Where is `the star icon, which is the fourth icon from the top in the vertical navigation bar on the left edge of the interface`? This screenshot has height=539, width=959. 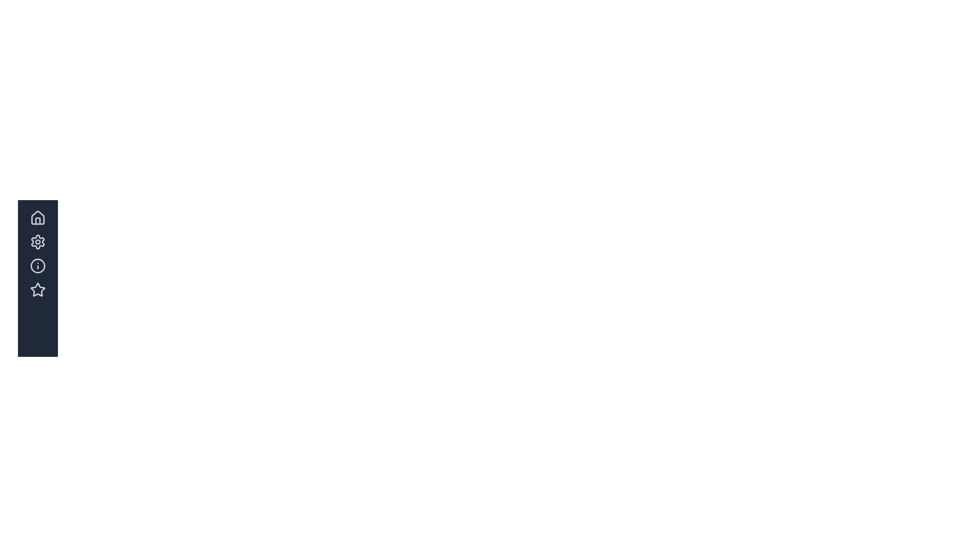 the star icon, which is the fourth icon from the top in the vertical navigation bar on the left edge of the interface is located at coordinates (38, 289).